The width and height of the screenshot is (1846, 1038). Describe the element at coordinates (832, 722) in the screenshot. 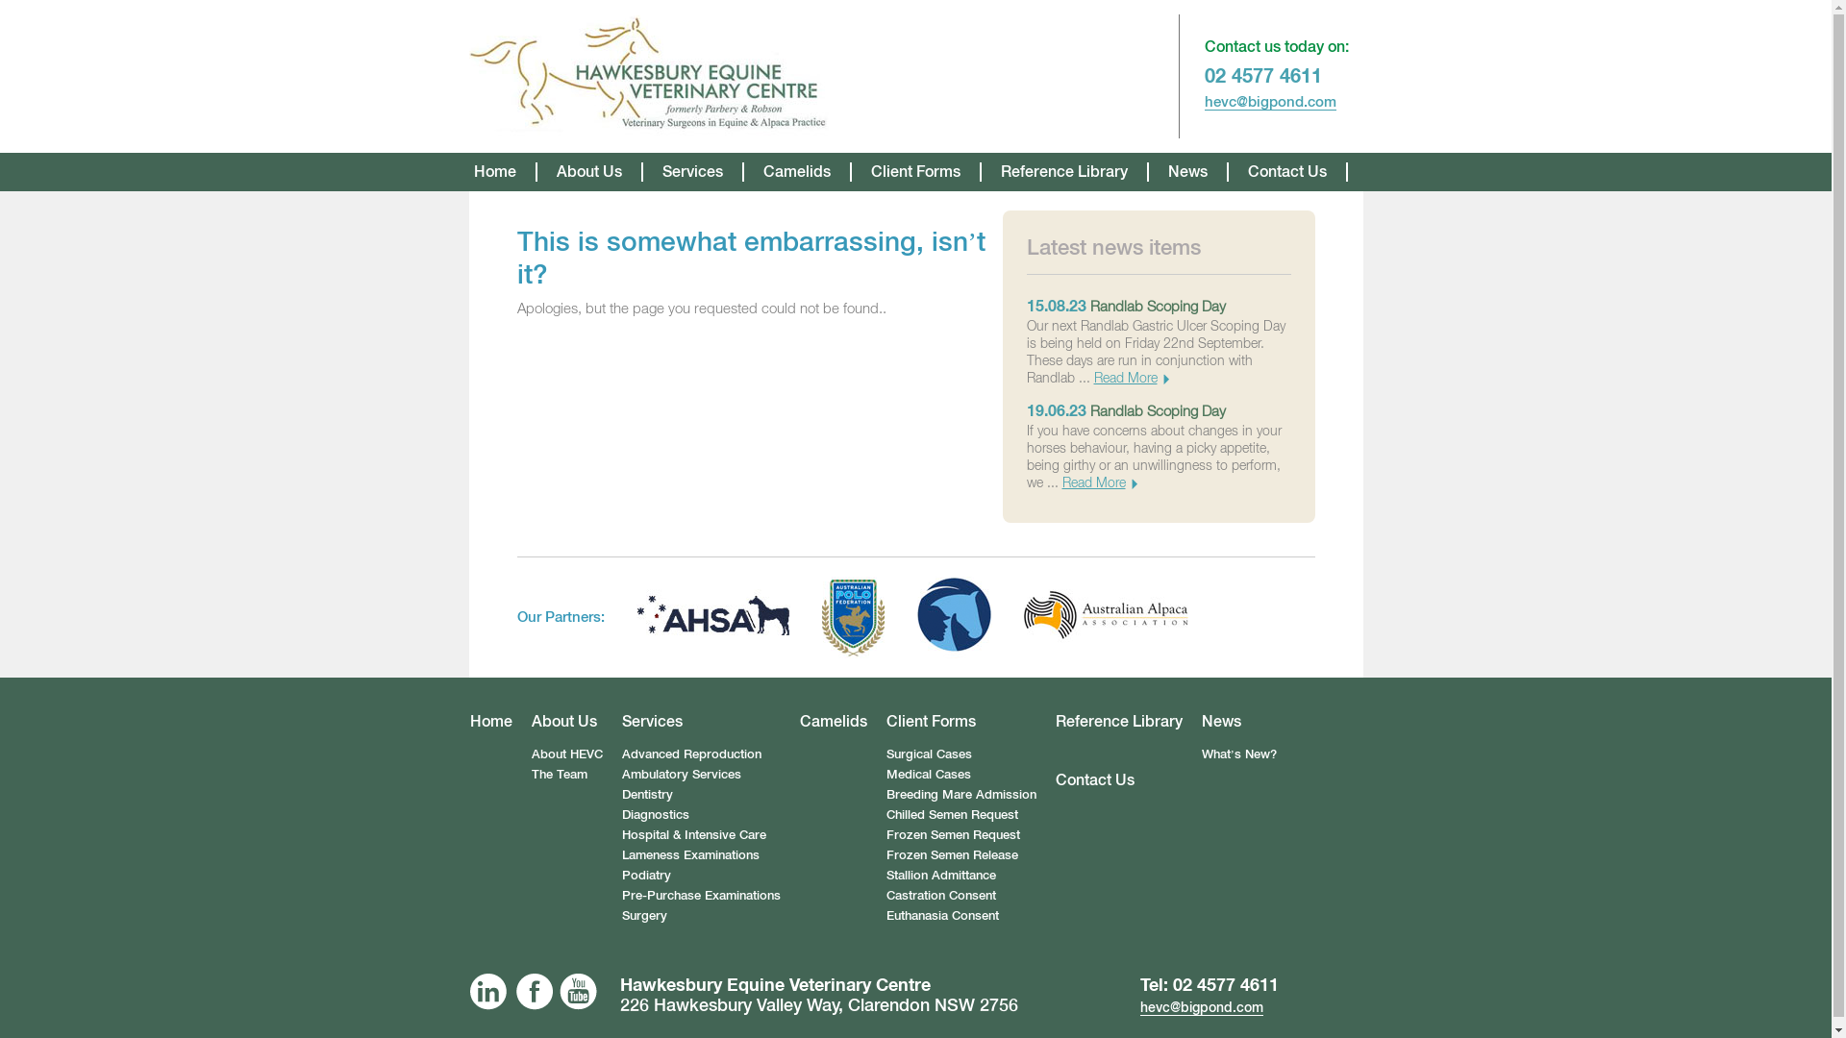

I see `'Camelids'` at that location.